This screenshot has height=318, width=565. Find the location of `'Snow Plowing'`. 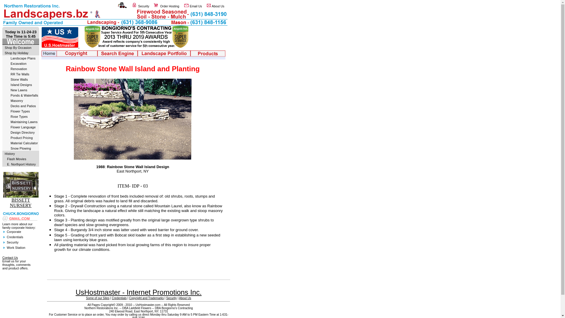

'Snow Plowing' is located at coordinates (21, 148).